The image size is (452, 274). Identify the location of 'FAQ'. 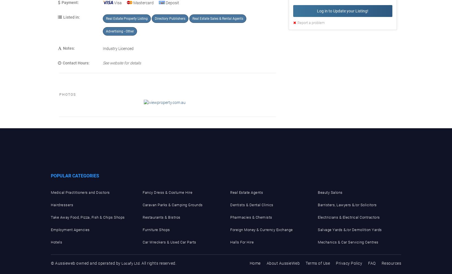
(368, 263).